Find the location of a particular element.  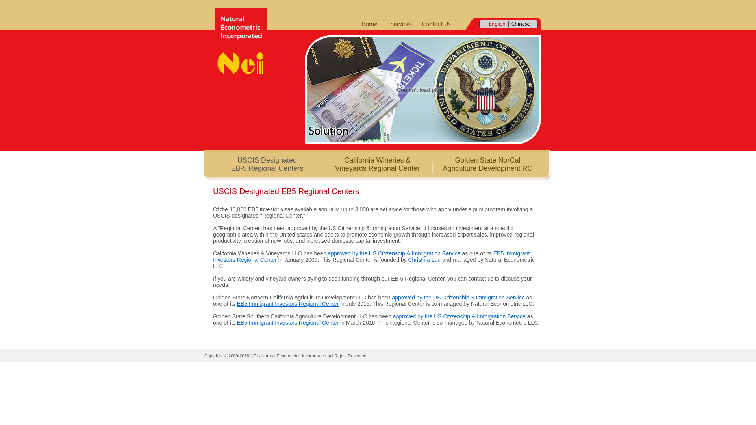

'approved by the US Citizenship & Immigration Service' is located at coordinates (458, 297).